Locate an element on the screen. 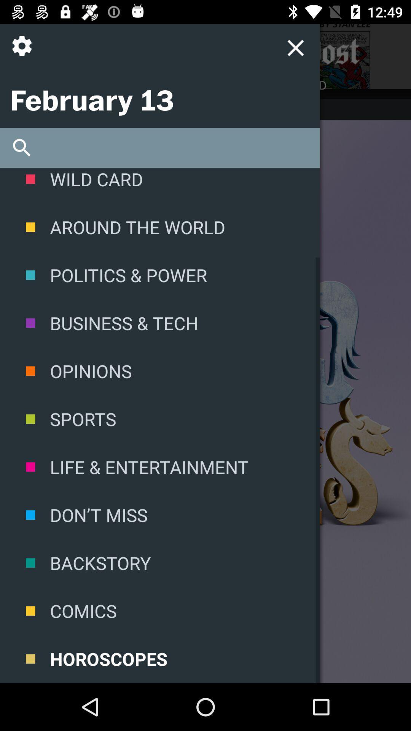 The image size is (411, 731). the icon above comics item is located at coordinates (159, 563).